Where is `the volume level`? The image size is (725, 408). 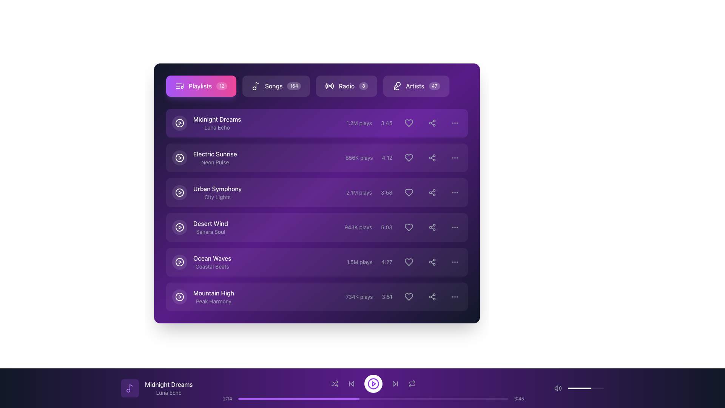
the volume level is located at coordinates (583, 388).